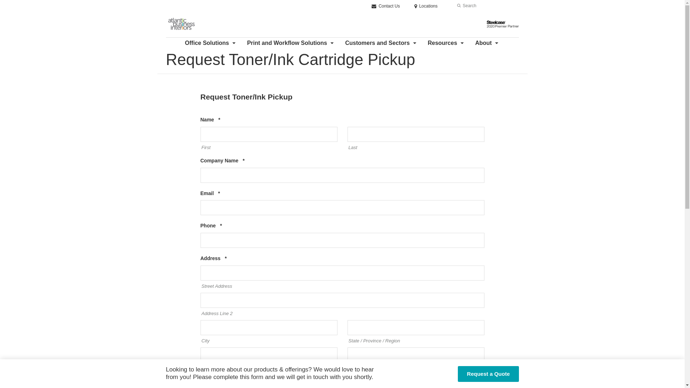 This screenshot has width=690, height=388. Describe the element at coordinates (488, 374) in the screenshot. I see `'Request a Quote'` at that location.